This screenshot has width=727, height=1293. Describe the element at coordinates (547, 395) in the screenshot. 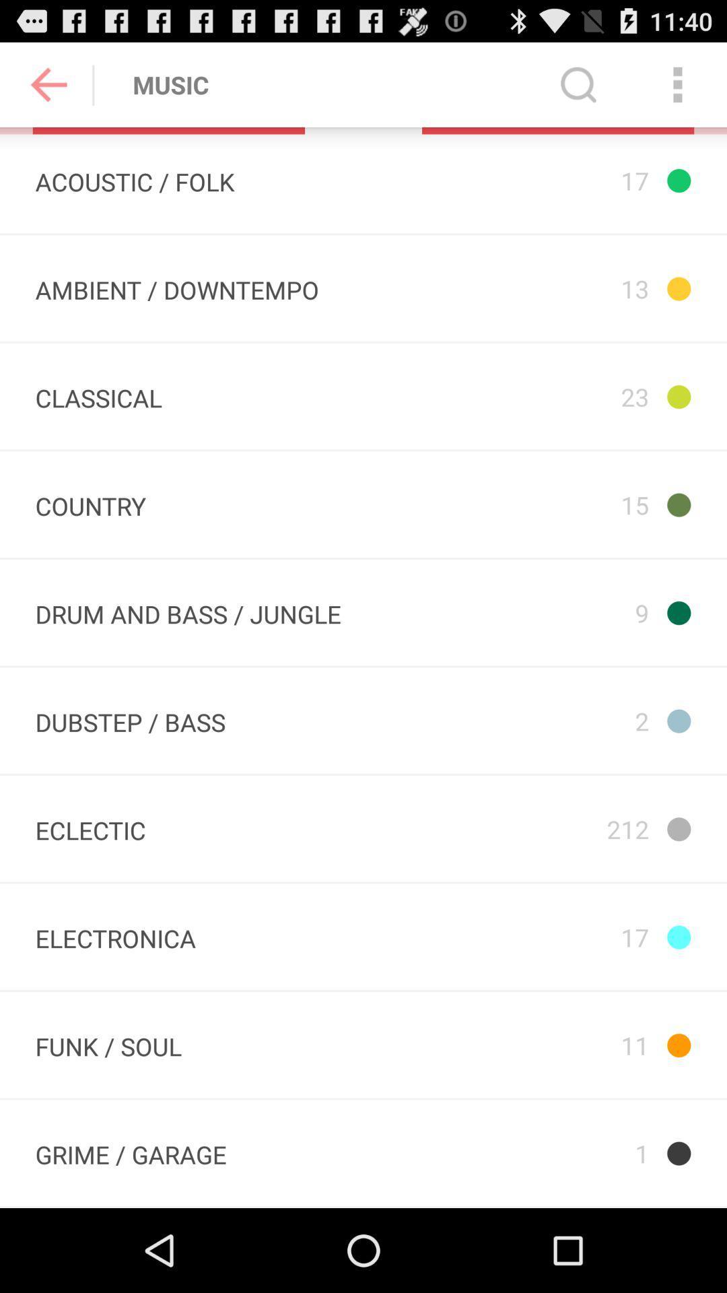

I see `item below the 13 app` at that location.